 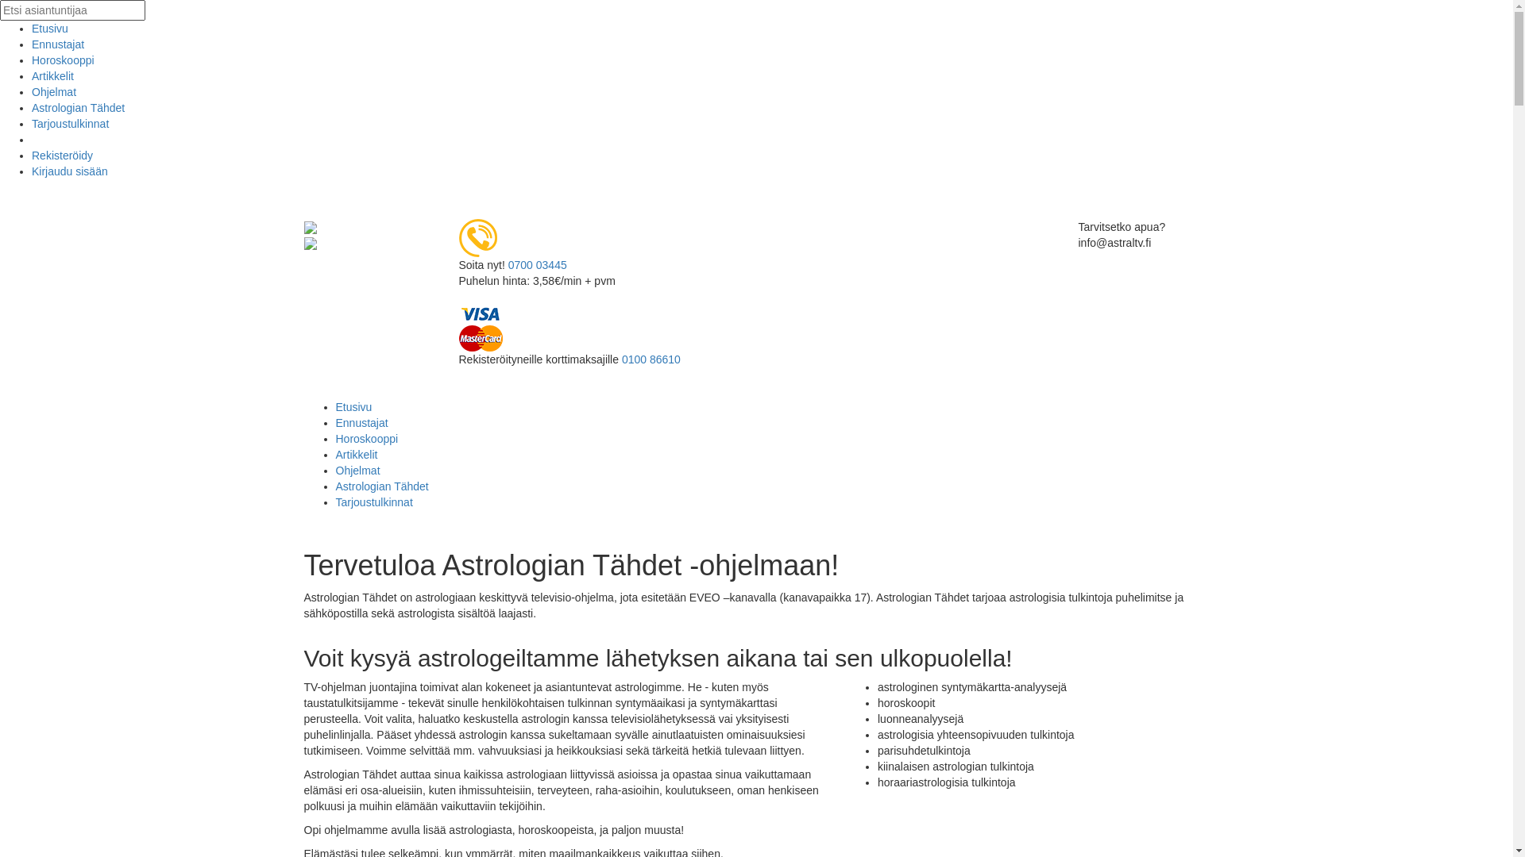 What do you see at coordinates (57, 44) in the screenshot?
I see `'Ennustajat'` at bounding box center [57, 44].